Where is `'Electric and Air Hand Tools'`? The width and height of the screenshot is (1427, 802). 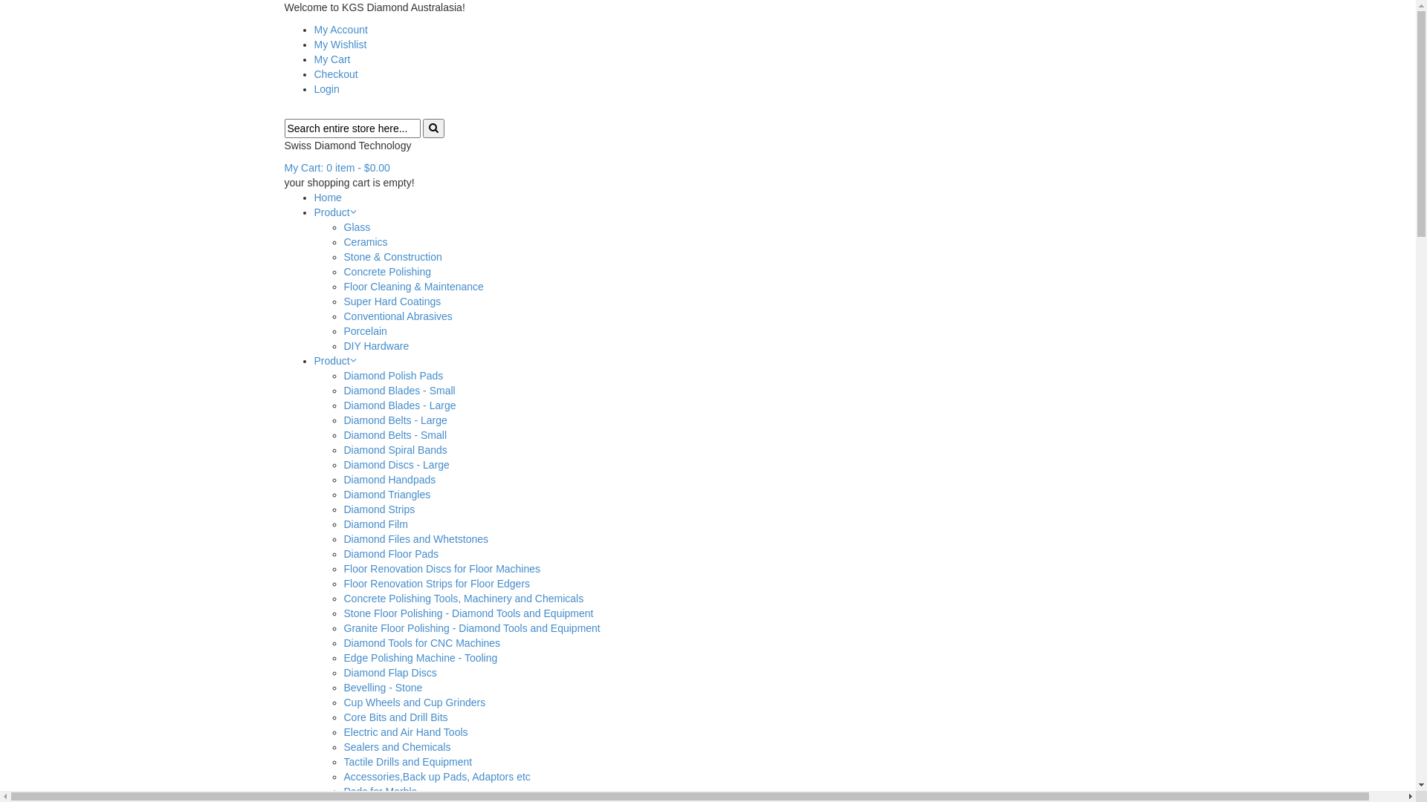
'Electric and Air Hand Tools' is located at coordinates (405, 731).